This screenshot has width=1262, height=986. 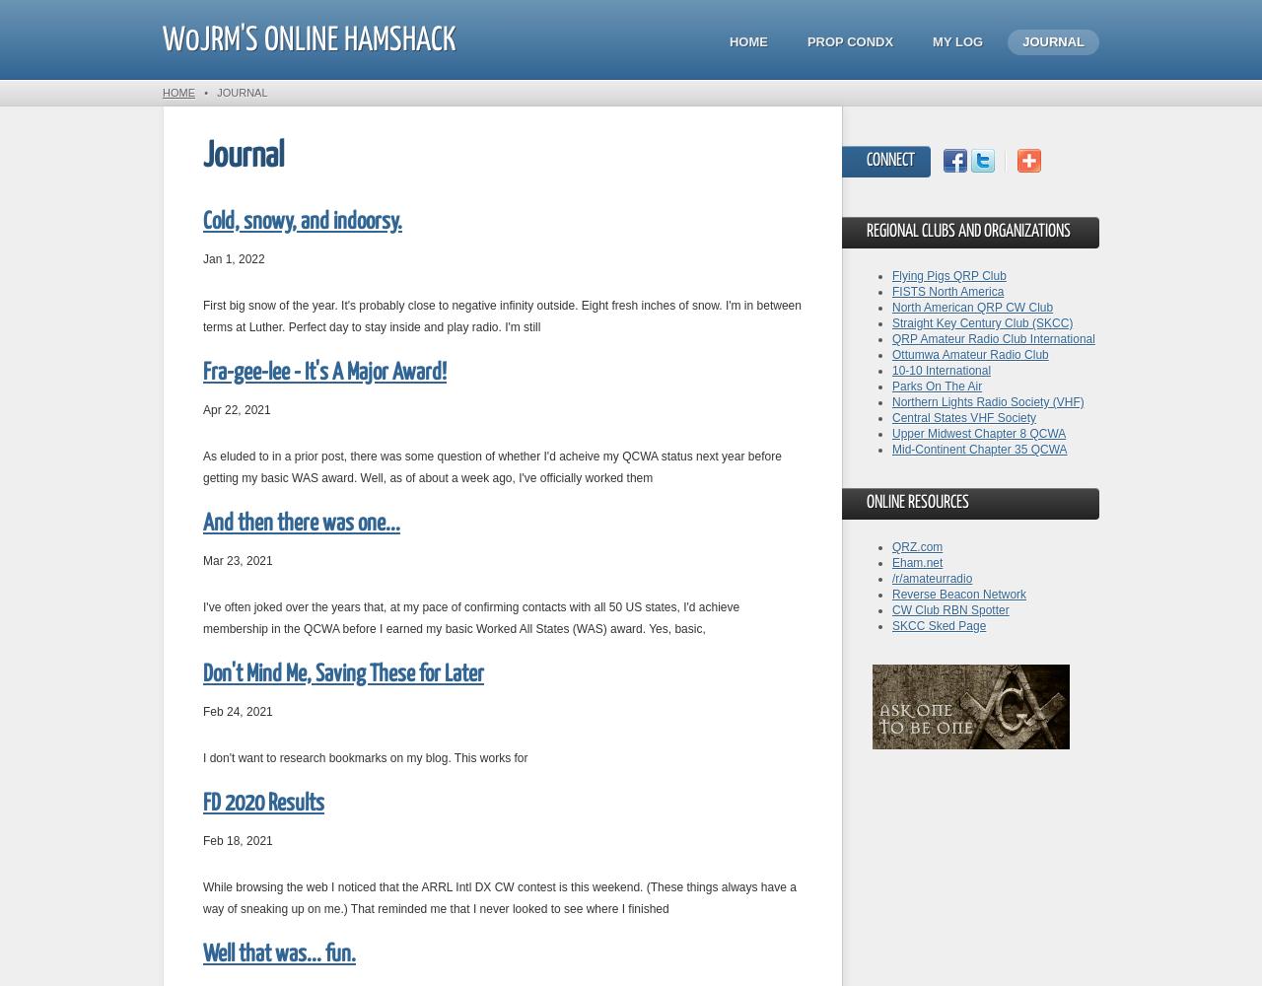 I want to click on 'Northern Lights Radio Society (VHF)', so click(x=987, y=402).